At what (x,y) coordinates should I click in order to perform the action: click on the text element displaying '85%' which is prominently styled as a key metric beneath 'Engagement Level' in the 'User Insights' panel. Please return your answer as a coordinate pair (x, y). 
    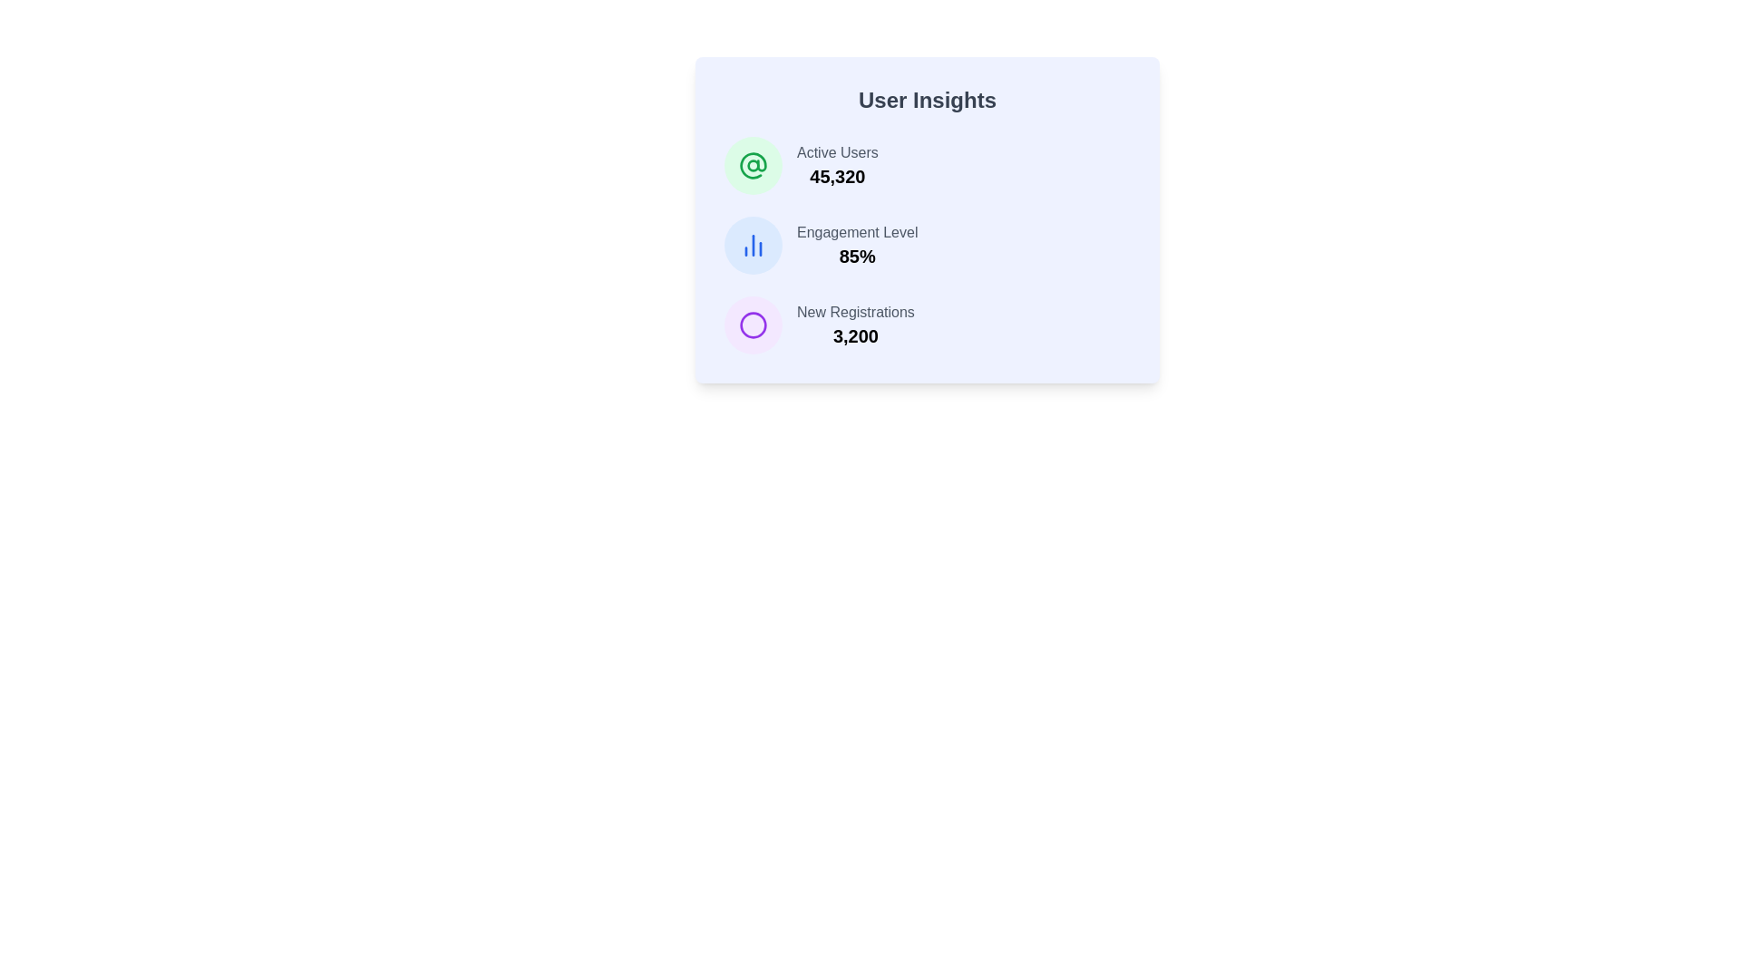
    Looking at the image, I should click on (856, 256).